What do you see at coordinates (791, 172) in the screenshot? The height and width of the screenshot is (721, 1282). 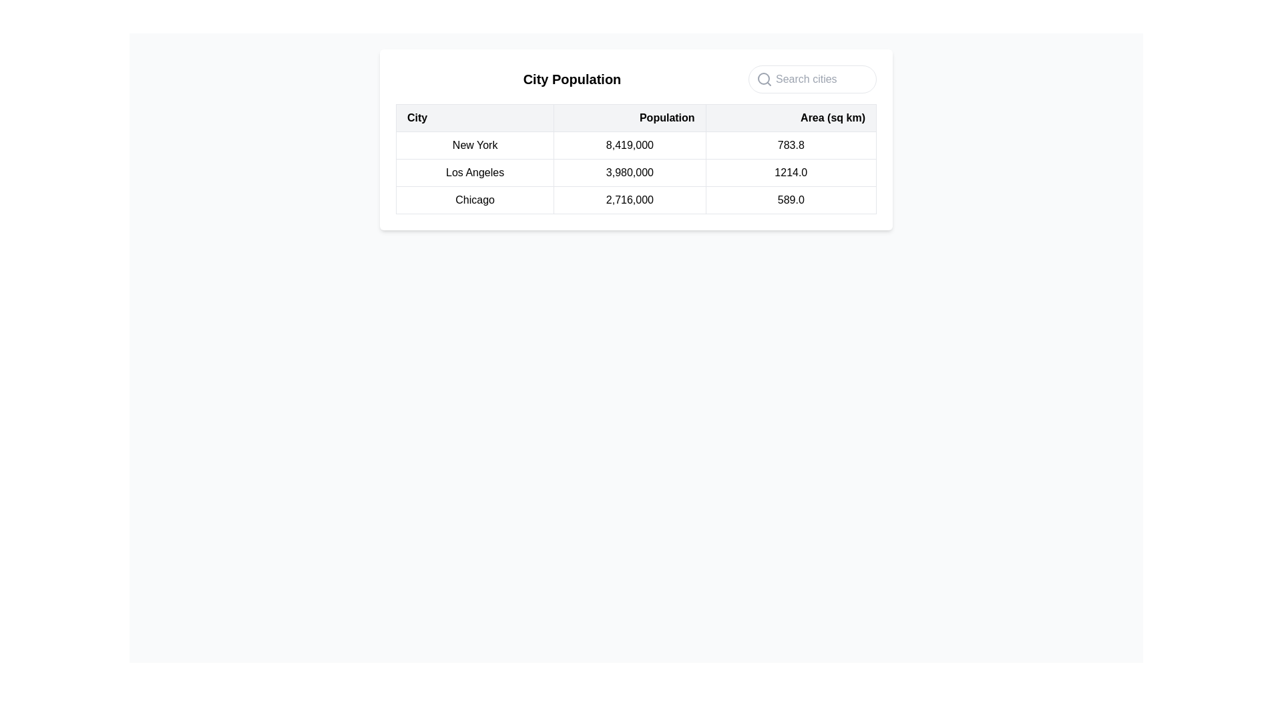 I see `the table cell containing the text '1214.0', which is the third cell in the second row under the 'Area (sq km)' header` at bounding box center [791, 172].